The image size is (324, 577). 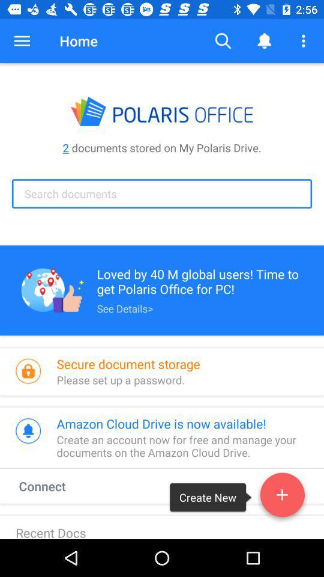 I want to click on add the icon to create new details, so click(x=282, y=497).